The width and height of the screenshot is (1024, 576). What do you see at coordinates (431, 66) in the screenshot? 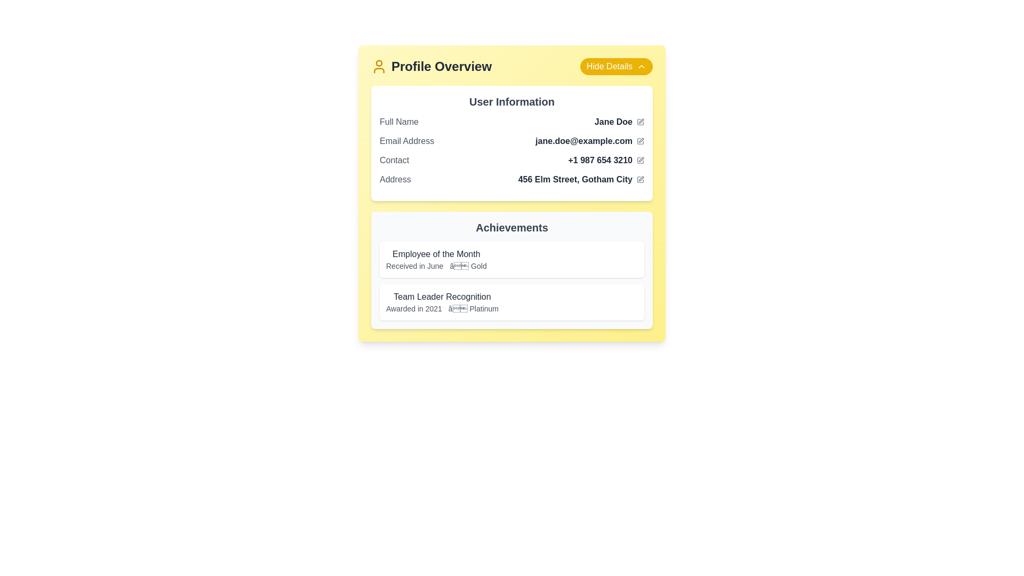
I see `text 'Profile Overview' from the Label header with icon that features a yellow user silhouette icon and is located on the left side of the top panel` at bounding box center [431, 66].